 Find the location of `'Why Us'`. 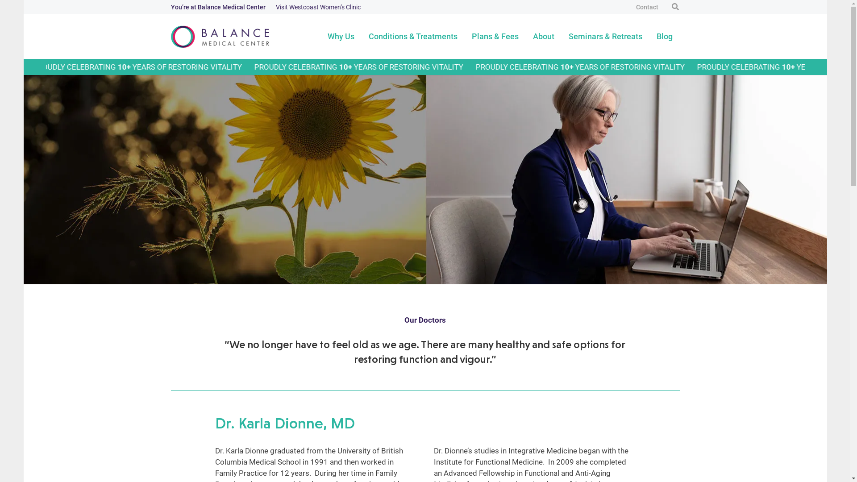

'Why Us' is located at coordinates (340, 36).